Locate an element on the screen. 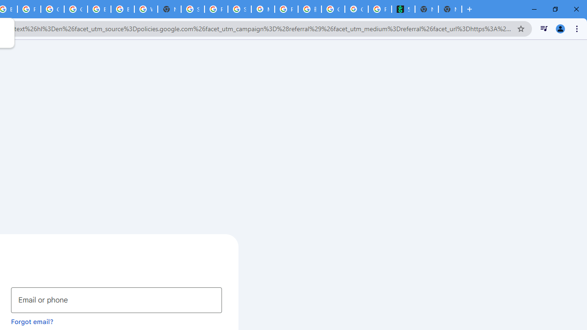 The width and height of the screenshot is (587, 330). 'Email or phone' is located at coordinates (116, 300).